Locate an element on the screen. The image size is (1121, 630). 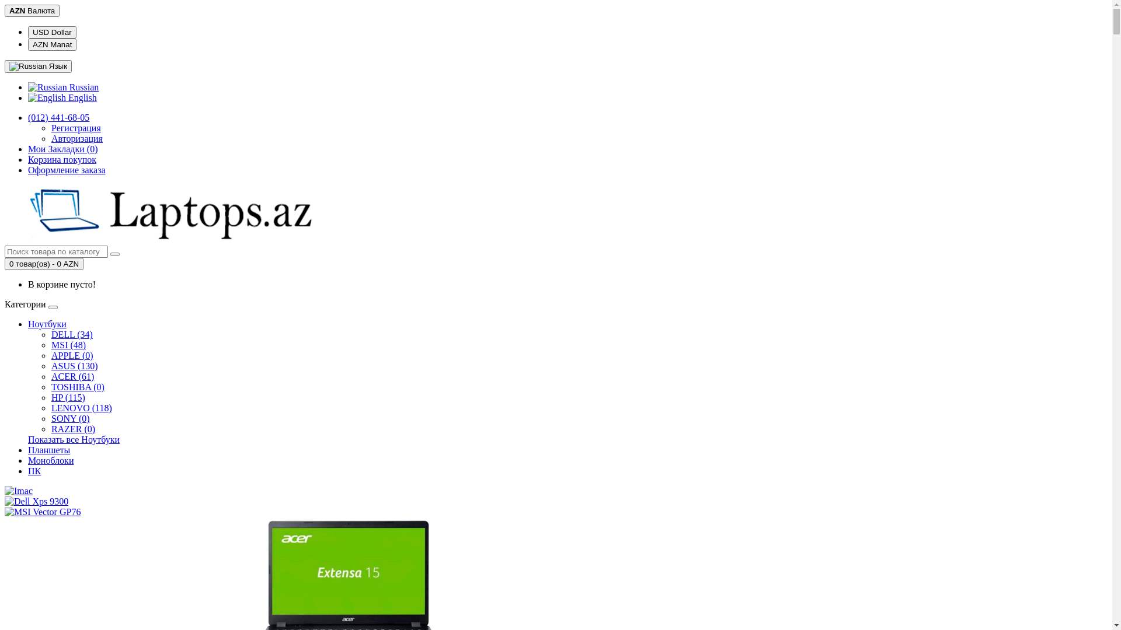
'USD Dollar' is located at coordinates (51, 32).